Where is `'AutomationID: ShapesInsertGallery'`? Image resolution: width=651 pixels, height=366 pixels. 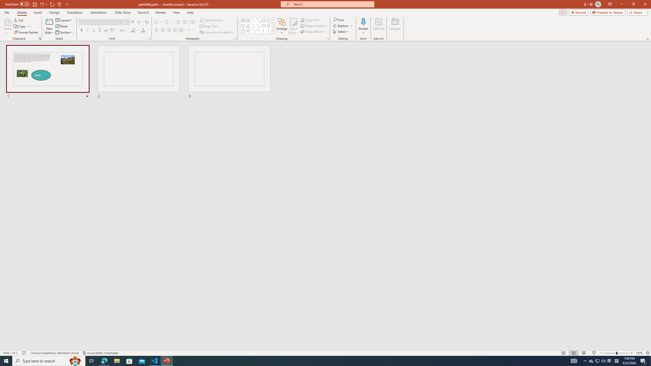
'AutomationID: ShapesInsertGallery' is located at coordinates (257, 25).